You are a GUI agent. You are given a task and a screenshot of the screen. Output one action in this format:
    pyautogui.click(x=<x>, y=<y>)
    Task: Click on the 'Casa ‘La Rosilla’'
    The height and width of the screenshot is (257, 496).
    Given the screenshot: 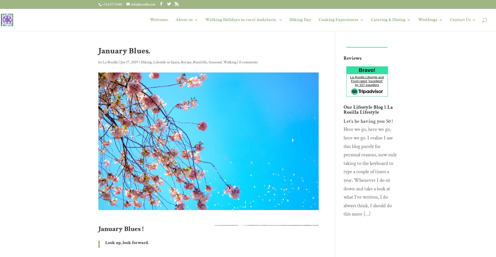 What is the action you would take?
    pyautogui.click(x=201, y=43)
    